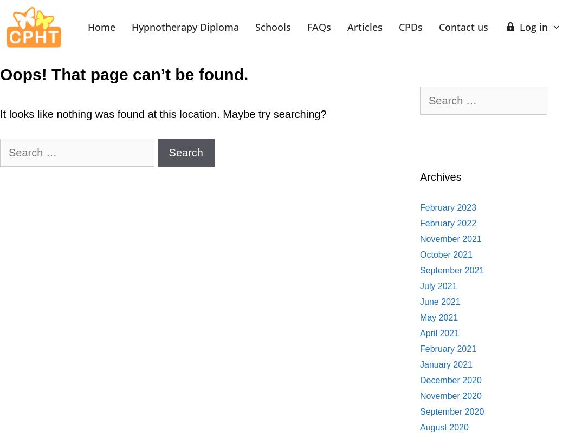 The height and width of the screenshot is (438, 569). I want to click on 'April 2021', so click(439, 333).